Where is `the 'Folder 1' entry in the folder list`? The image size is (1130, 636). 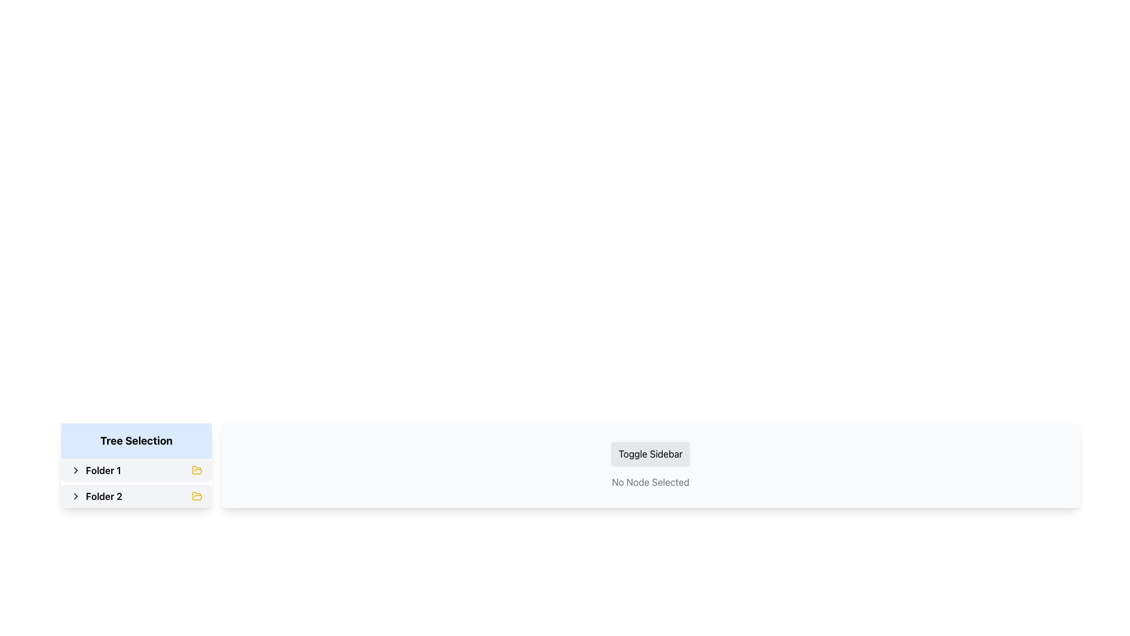 the 'Folder 1' entry in the folder list is located at coordinates (136, 469).